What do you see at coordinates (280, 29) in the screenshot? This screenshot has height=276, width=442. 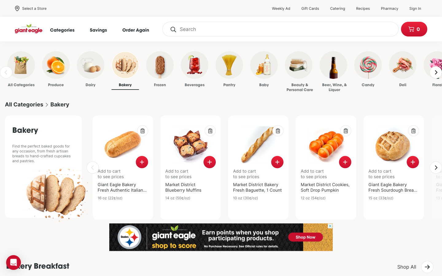 I see `Search for Brown Bread` at bounding box center [280, 29].